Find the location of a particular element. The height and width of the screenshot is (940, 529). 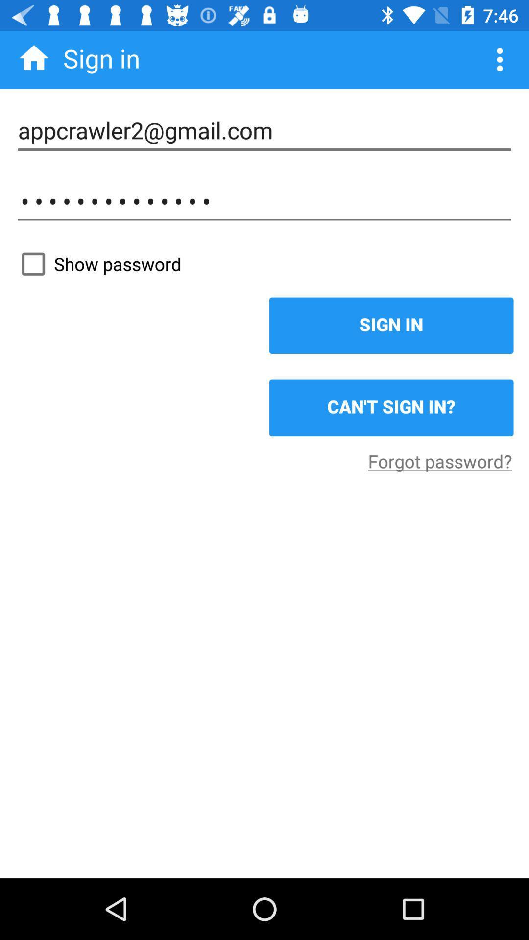

the item below sign in icon is located at coordinates (391, 408).